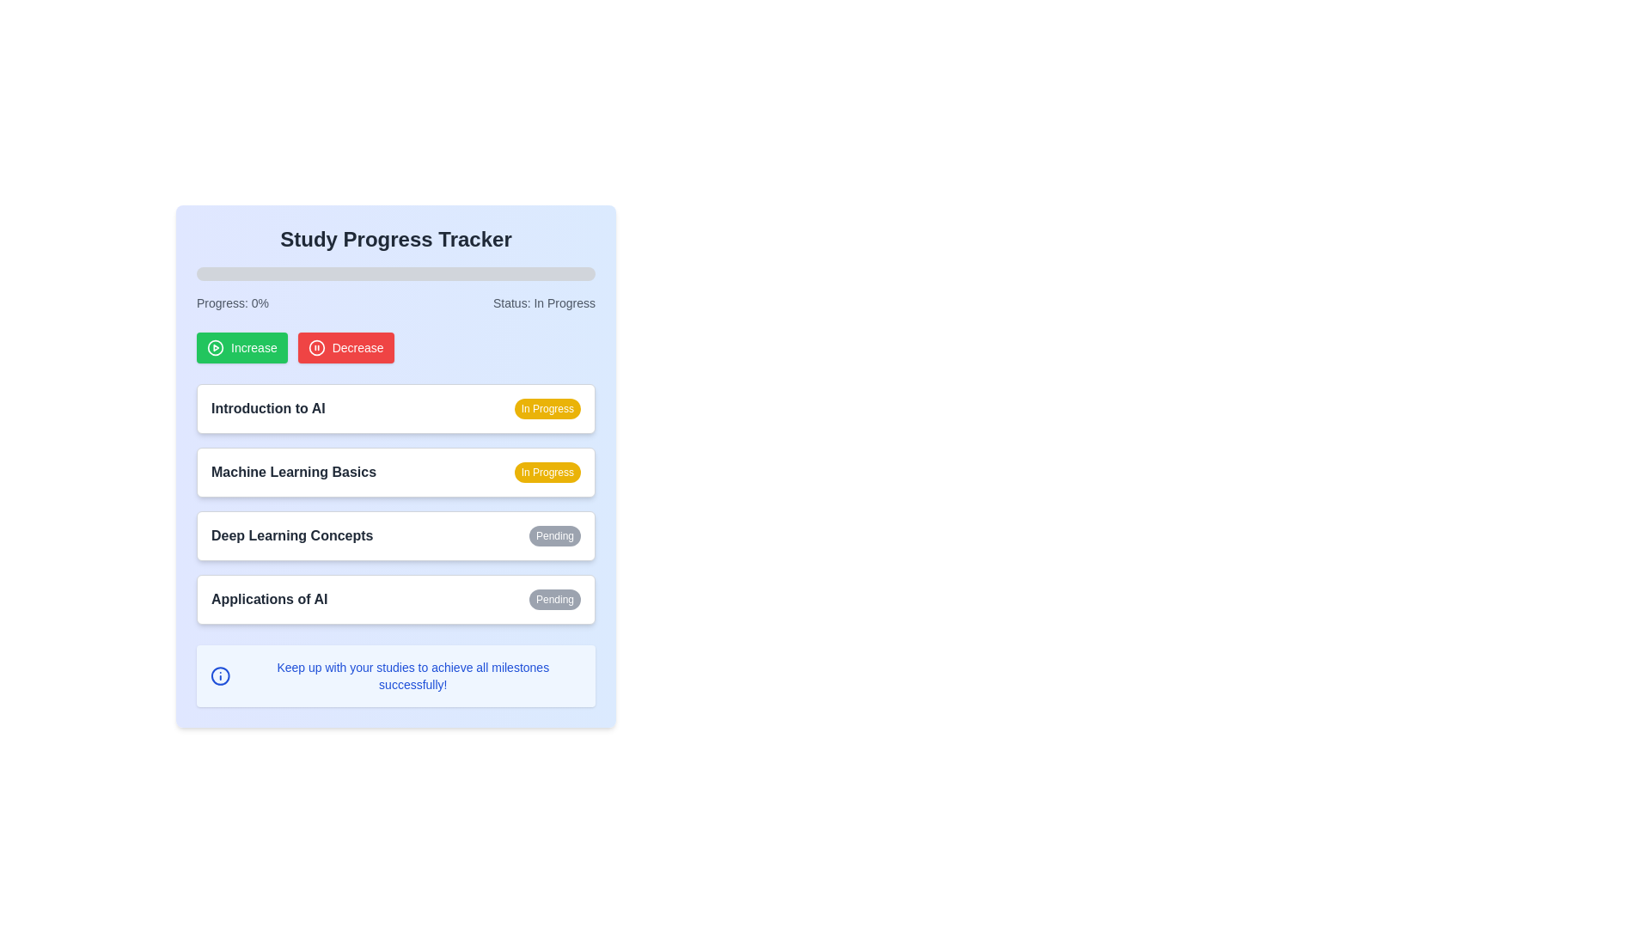 The height and width of the screenshot is (928, 1650). Describe the element at coordinates (214, 348) in the screenshot. I see `the small circular play icon with a green background and white outline located on the left side of the 'Increase' button` at that location.